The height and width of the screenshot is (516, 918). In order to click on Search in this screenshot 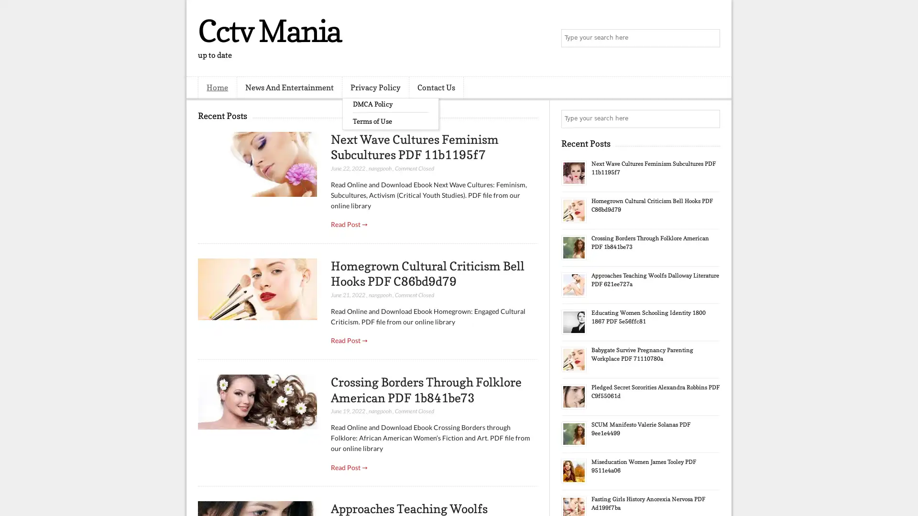, I will do `click(710, 38)`.